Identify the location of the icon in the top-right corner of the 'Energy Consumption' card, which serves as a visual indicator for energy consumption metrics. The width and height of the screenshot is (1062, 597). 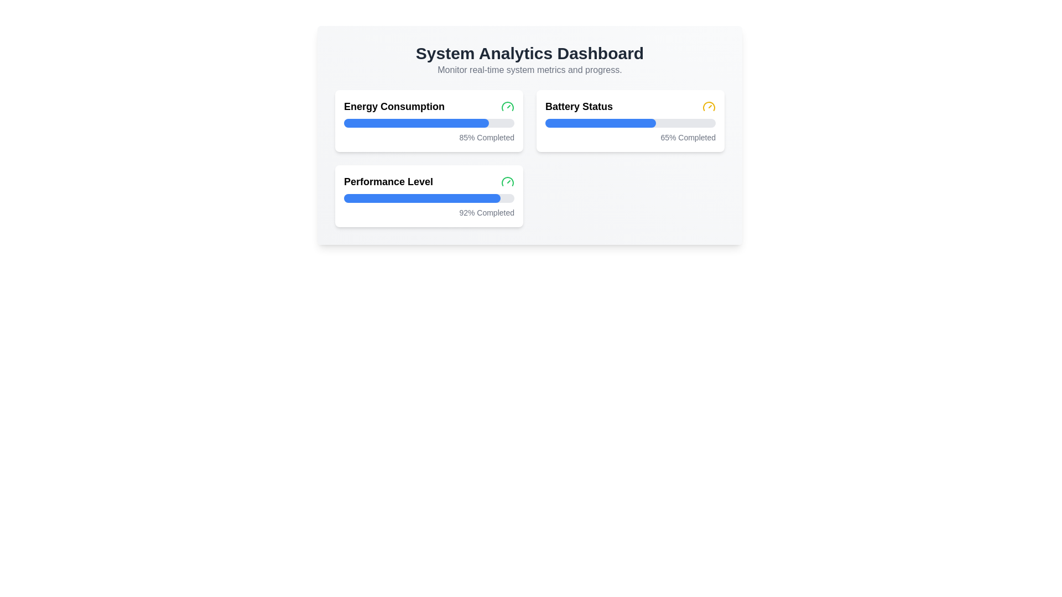
(507, 106).